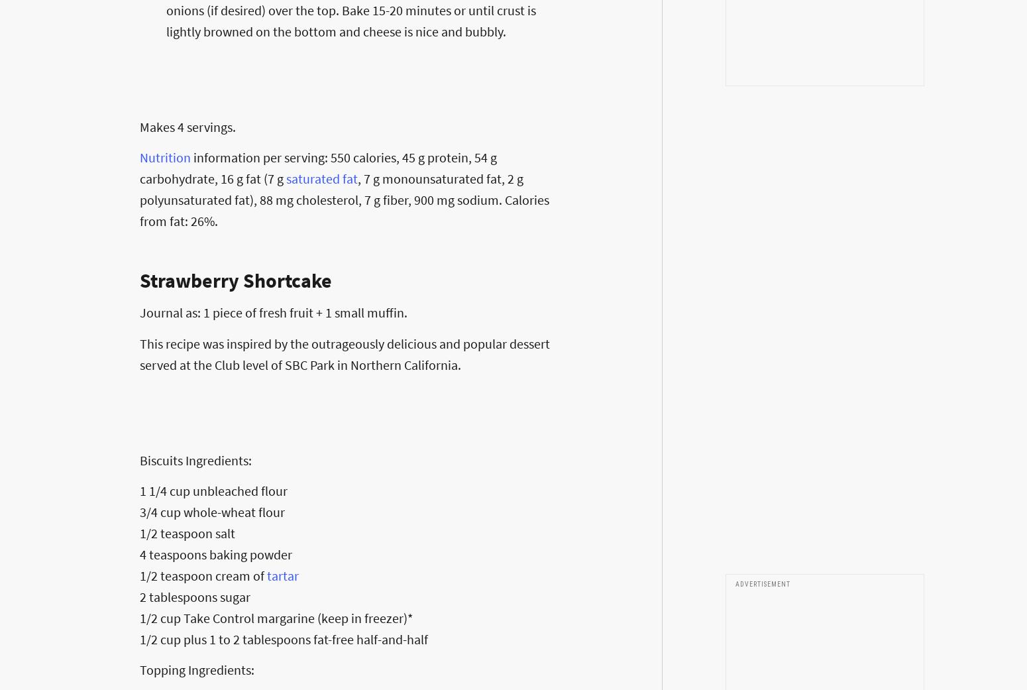 This screenshot has width=1027, height=690. What do you see at coordinates (203, 574) in the screenshot?
I see `'1/2 teaspoon cream of'` at bounding box center [203, 574].